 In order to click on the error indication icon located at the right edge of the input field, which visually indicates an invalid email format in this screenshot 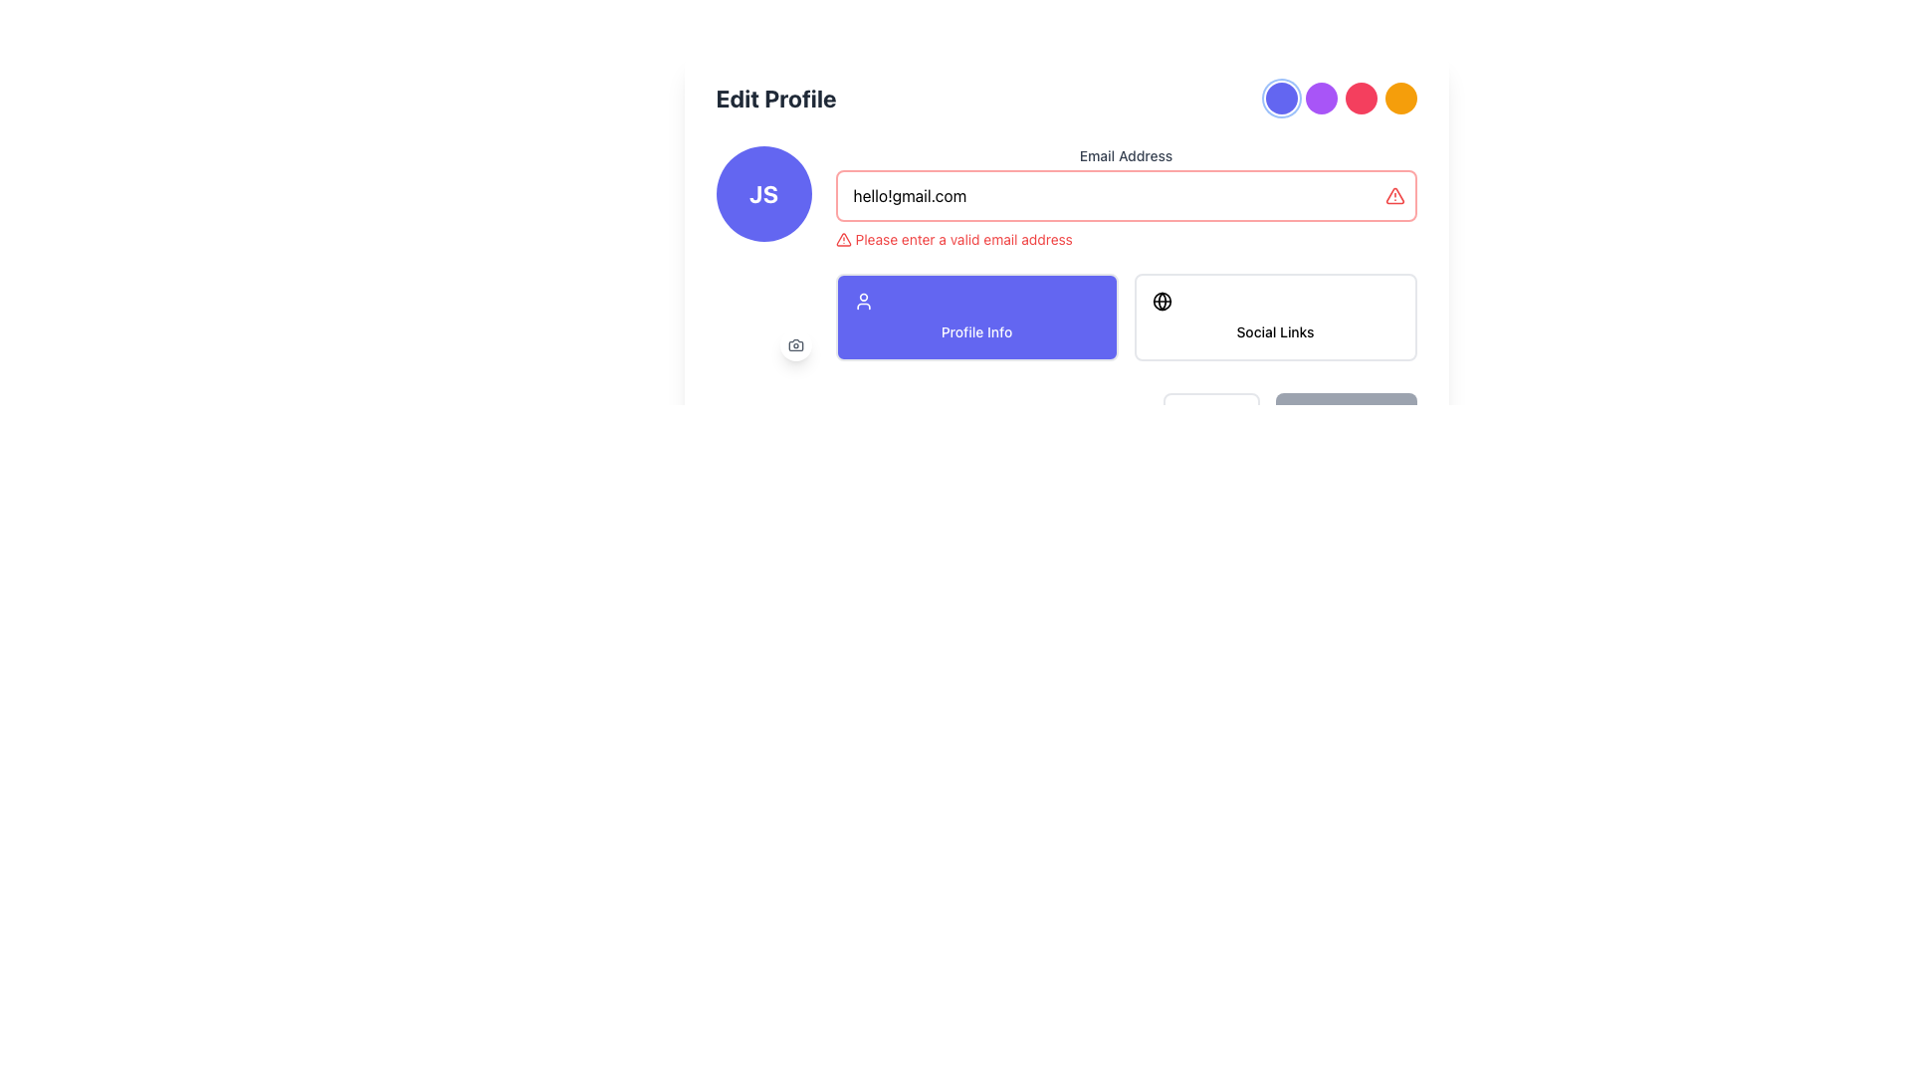, I will do `click(1393, 195)`.